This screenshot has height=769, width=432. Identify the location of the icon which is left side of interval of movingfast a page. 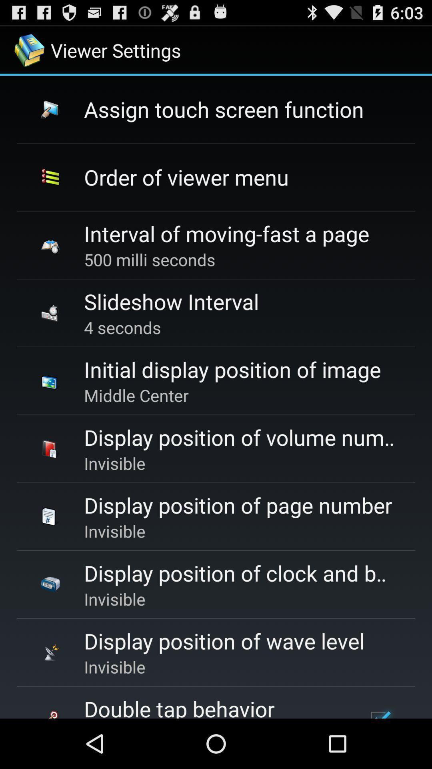
(50, 244).